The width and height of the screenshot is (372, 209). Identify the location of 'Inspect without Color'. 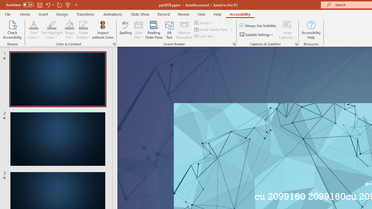
(103, 30).